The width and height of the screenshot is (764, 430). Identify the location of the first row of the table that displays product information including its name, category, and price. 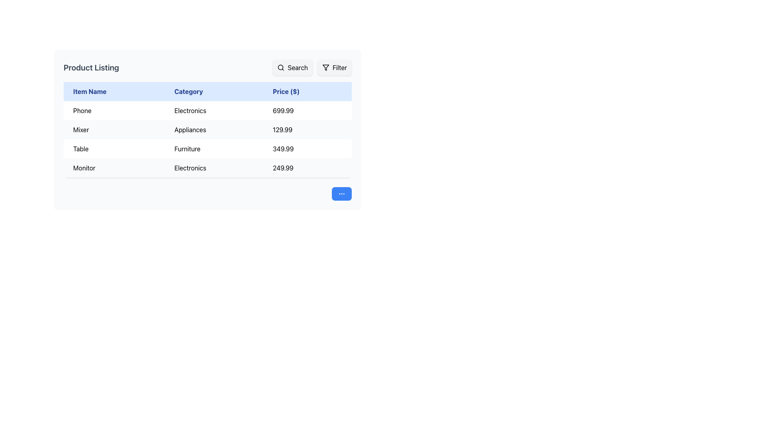
(208, 110).